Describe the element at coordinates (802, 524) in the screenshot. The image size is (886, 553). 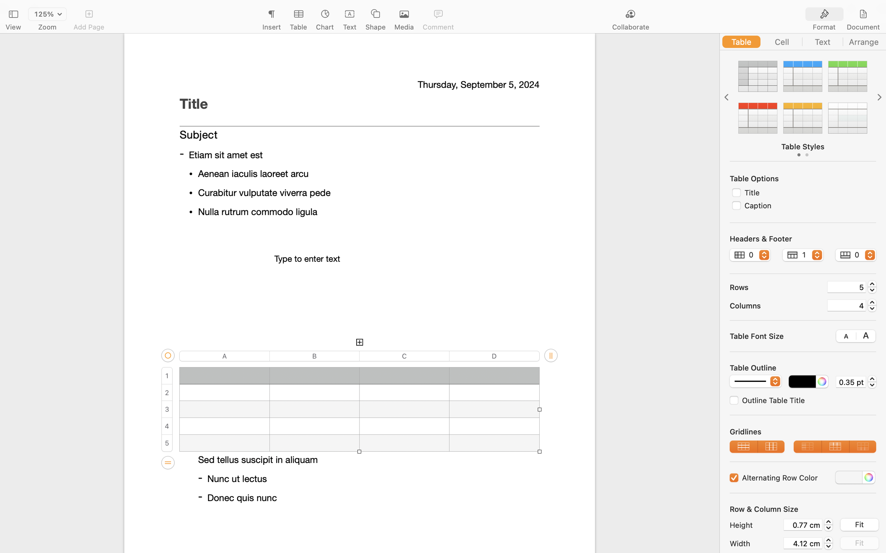
I see `'0.77 cm'` at that location.